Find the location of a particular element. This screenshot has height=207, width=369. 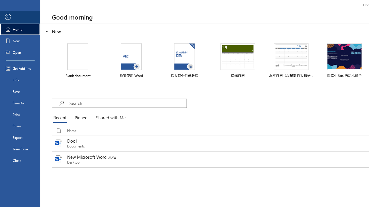

'Print' is located at coordinates (20, 114).